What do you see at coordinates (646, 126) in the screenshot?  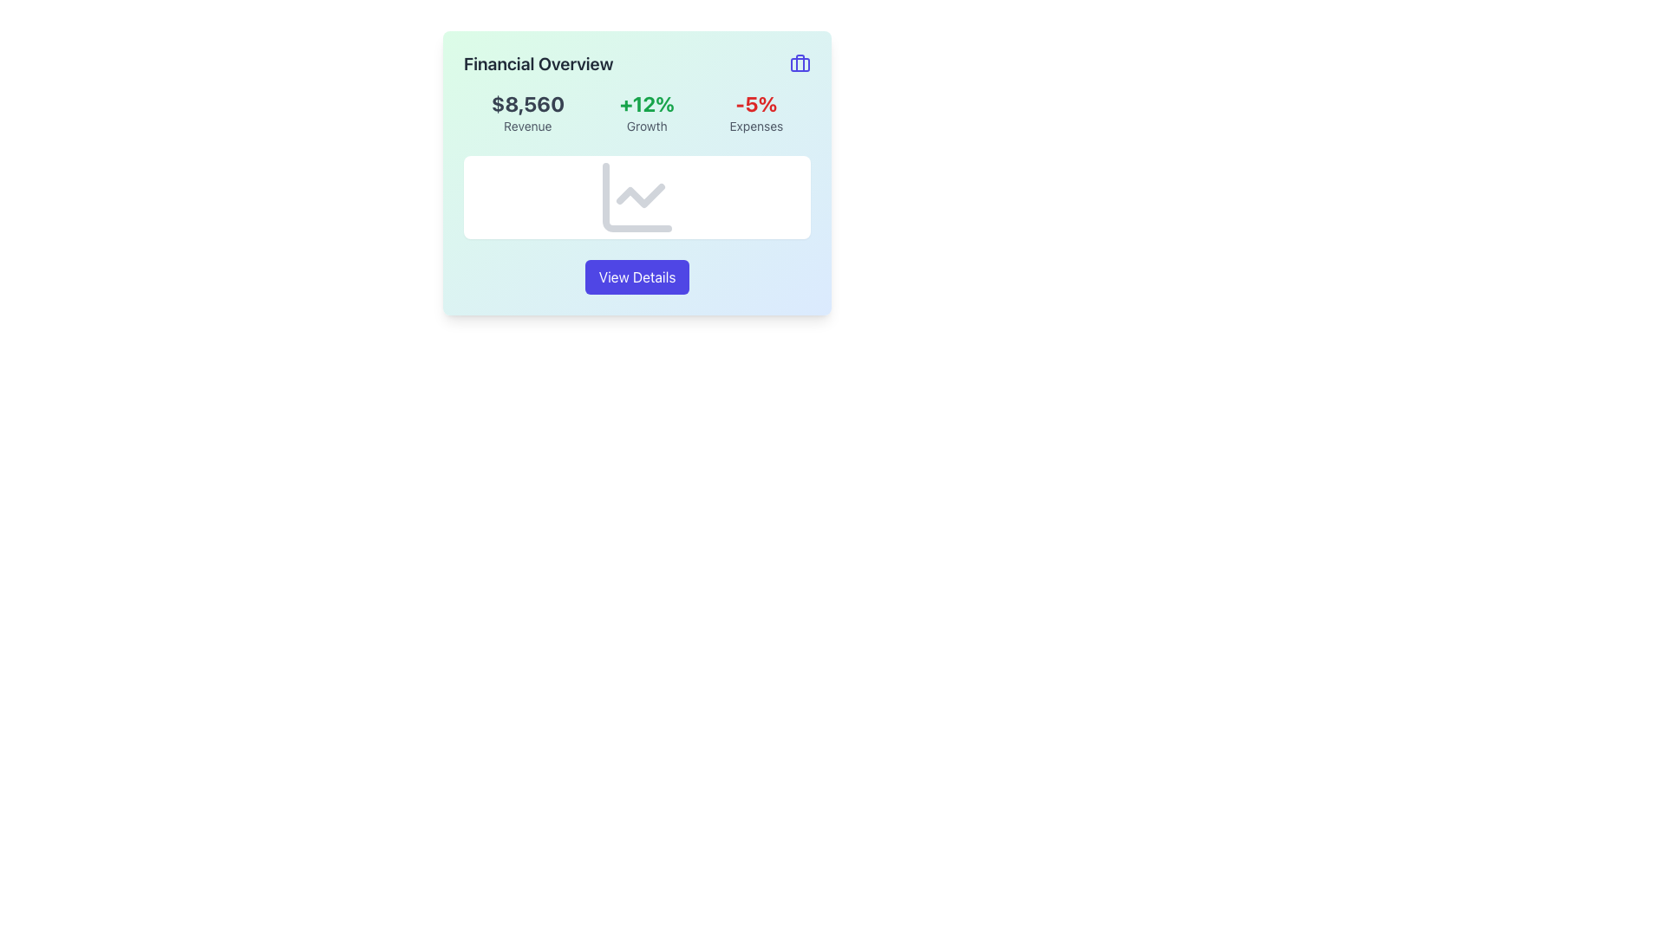 I see `label 'Growth' located below the text '+12%' in the financial overview section` at bounding box center [646, 126].